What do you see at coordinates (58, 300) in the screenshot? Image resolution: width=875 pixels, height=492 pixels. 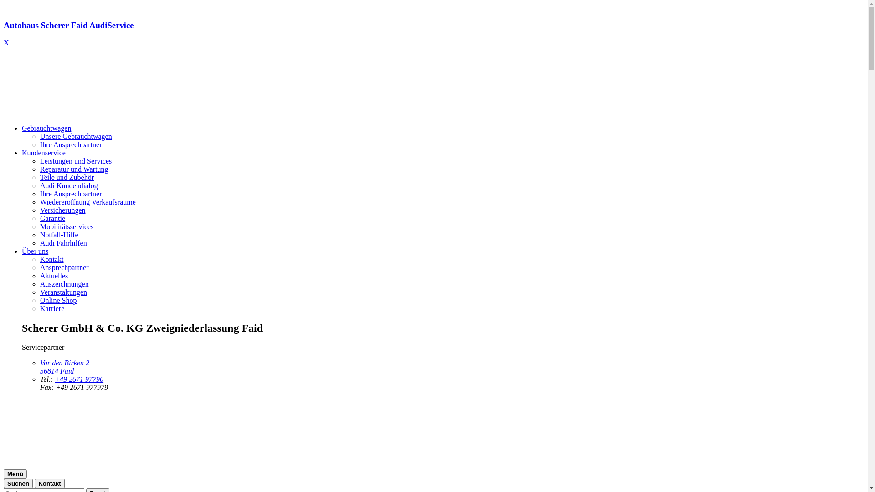 I see `'Online Shop'` at bounding box center [58, 300].